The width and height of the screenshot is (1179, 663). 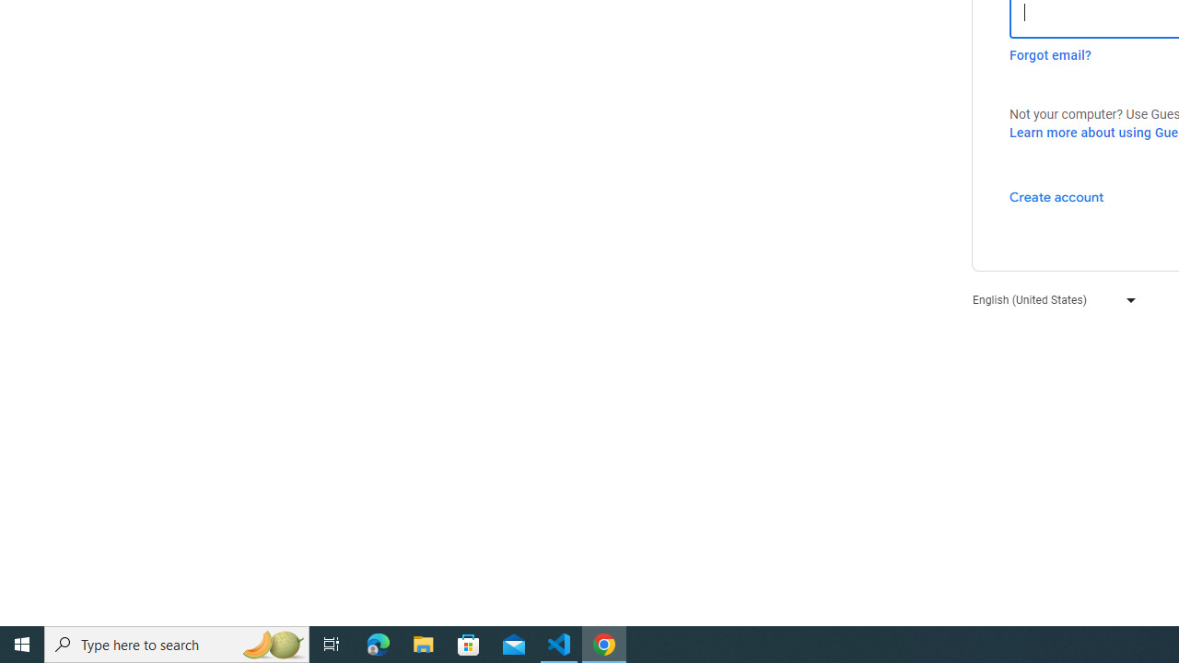 I want to click on 'Forgot email?', so click(x=1050, y=54).